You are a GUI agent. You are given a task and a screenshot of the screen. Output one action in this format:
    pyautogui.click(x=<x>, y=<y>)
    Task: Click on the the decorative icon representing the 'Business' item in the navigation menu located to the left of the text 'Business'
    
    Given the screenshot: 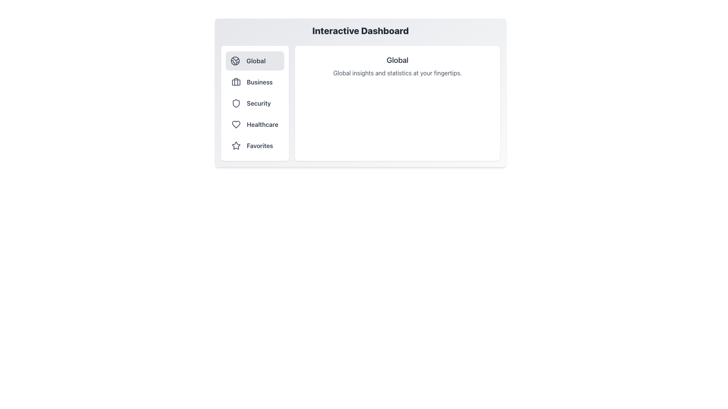 What is the action you would take?
    pyautogui.click(x=236, y=82)
    